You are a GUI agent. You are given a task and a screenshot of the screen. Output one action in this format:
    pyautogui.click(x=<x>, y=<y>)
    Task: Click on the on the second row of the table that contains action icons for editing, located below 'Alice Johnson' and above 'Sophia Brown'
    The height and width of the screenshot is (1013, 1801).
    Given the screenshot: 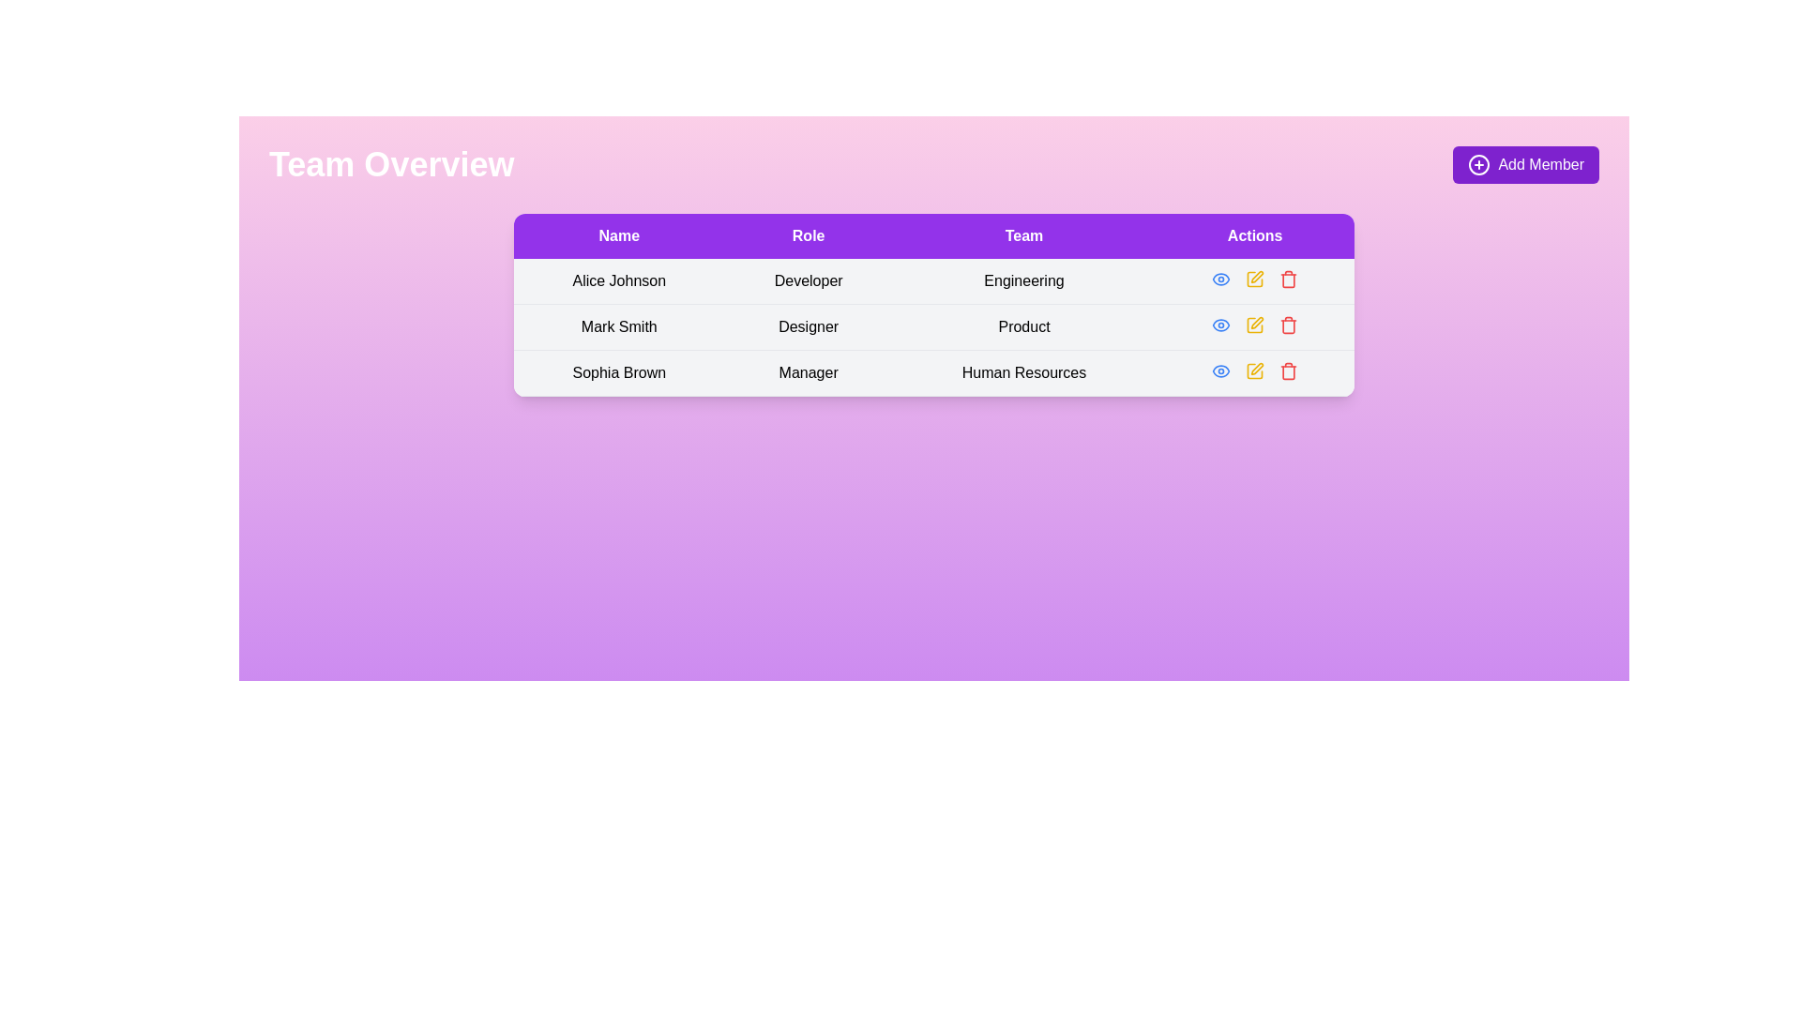 What is the action you would take?
    pyautogui.click(x=934, y=304)
    